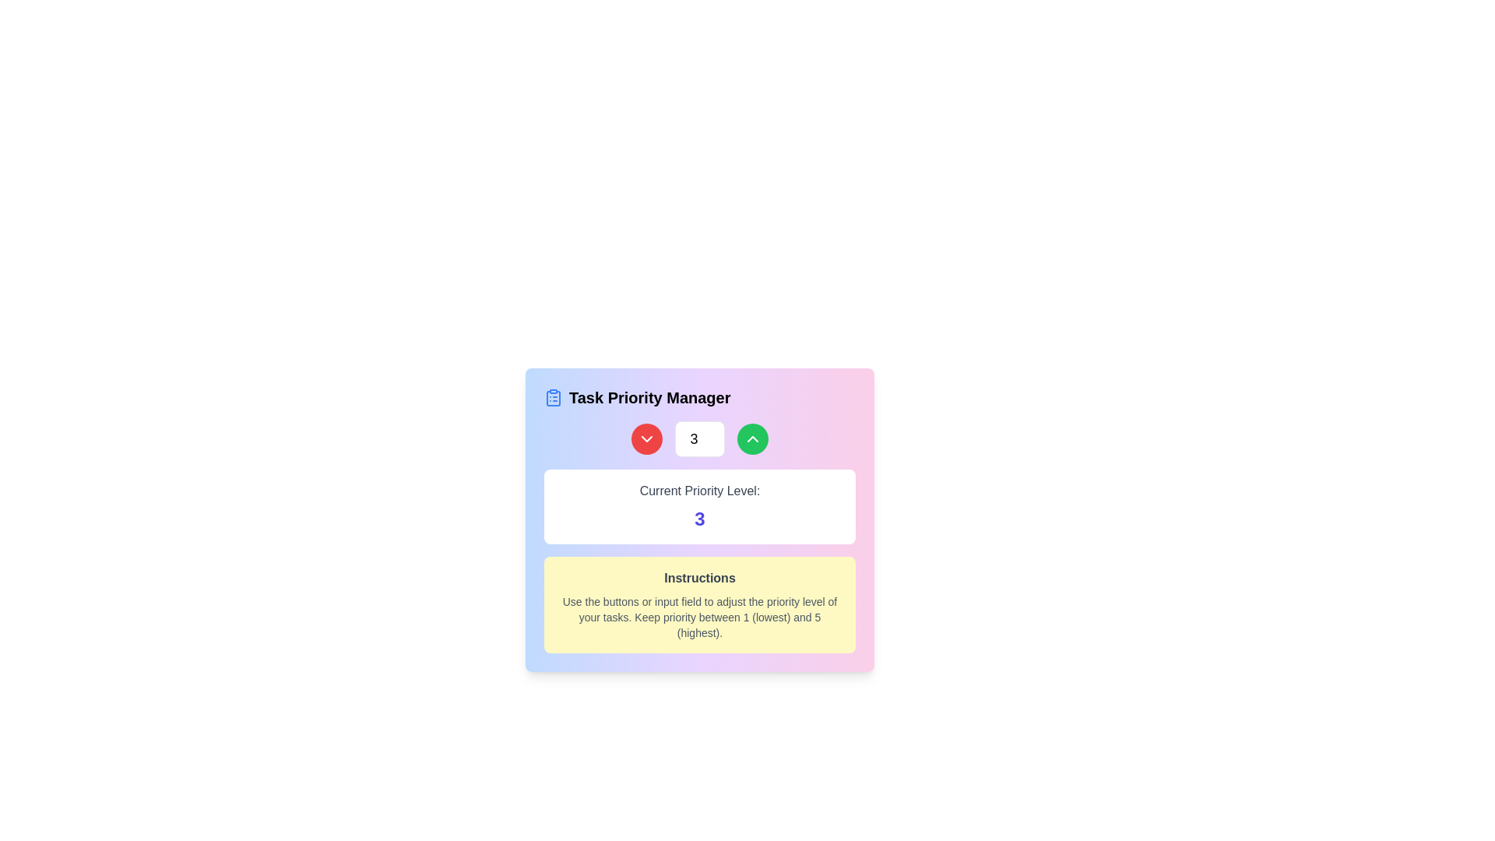 The height and width of the screenshot is (841, 1495). I want to click on the green circular button with a white upward arrow located to the right of the numeric input field displaying '3' to increase the priority level, so click(752, 438).